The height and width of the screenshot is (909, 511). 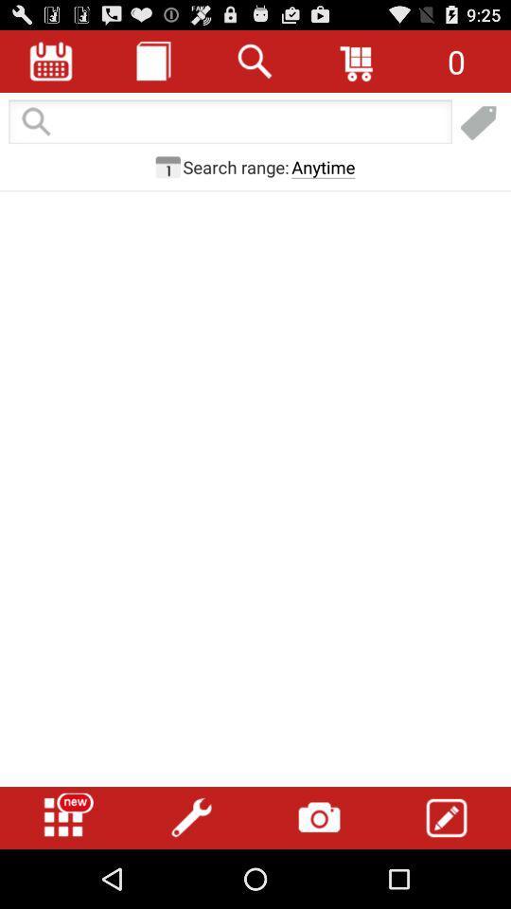 I want to click on journal entries, so click(x=152, y=61).